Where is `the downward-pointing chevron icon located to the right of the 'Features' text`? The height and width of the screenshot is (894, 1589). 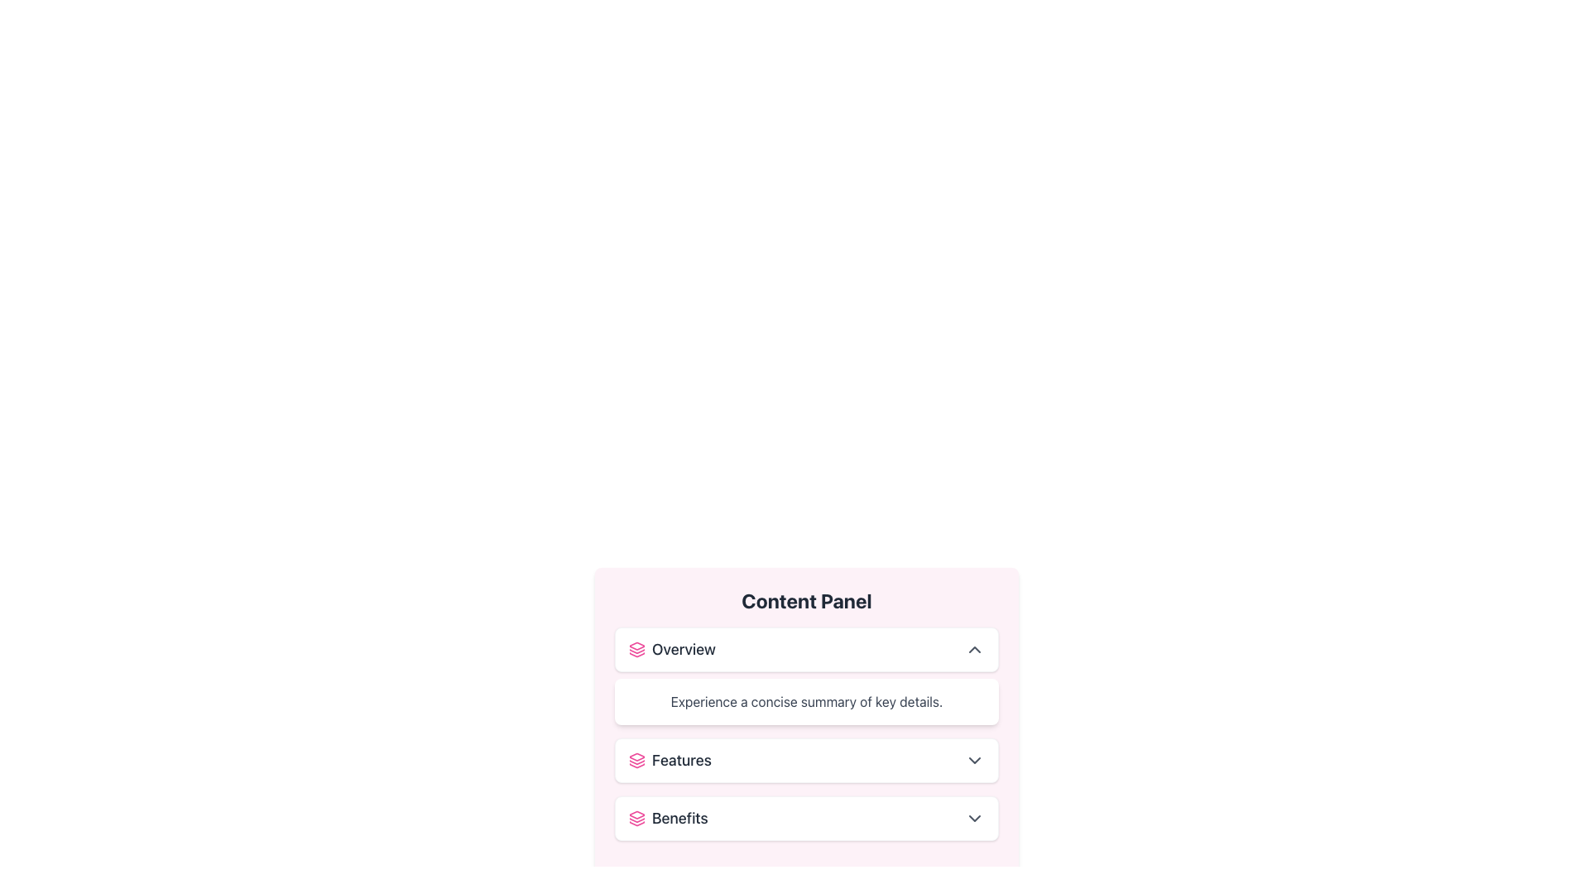 the downward-pointing chevron icon located to the right of the 'Features' text is located at coordinates (974, 760).